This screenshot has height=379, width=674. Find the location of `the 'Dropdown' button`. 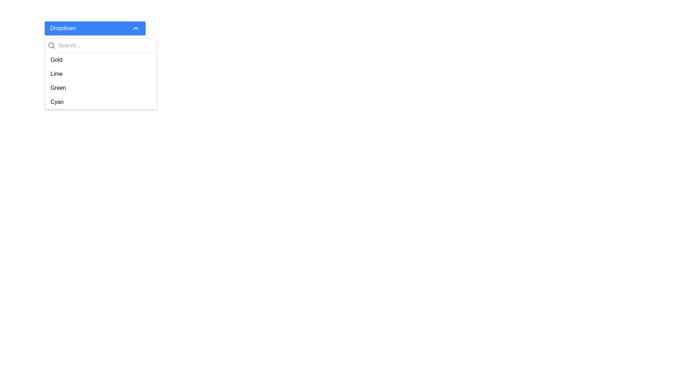

the 'Dropdown' button is located at coordinates (94, 28).